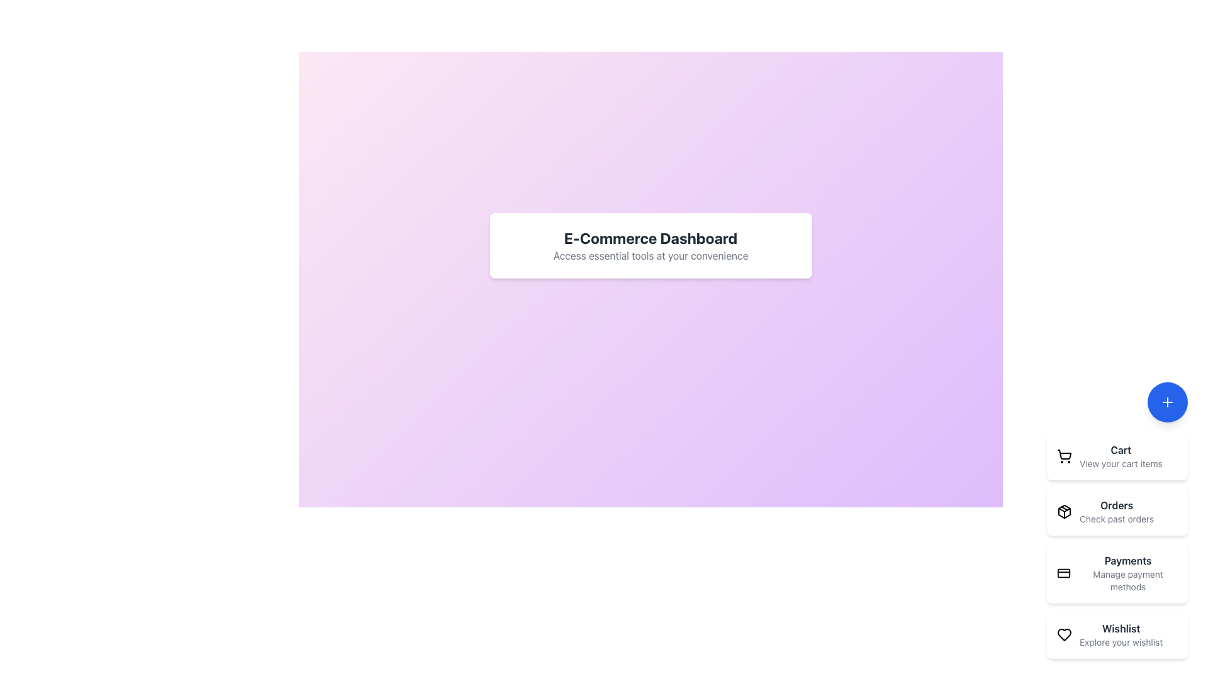 This screenshot has height=679, width=1208. I want to click on the 'Manage payment methods' text label, which is styled in a smaller gray font and positioned below the bold 'Payments' label in a vertical list of options within a sidebar, so click(1128, 581).